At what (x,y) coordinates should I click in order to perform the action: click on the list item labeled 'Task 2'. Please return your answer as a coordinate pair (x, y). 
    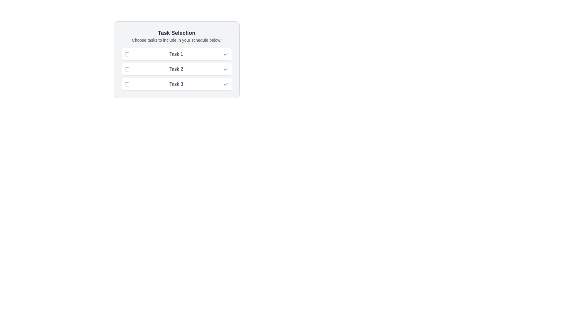
    Looking at the image, I should click on (176, 69).